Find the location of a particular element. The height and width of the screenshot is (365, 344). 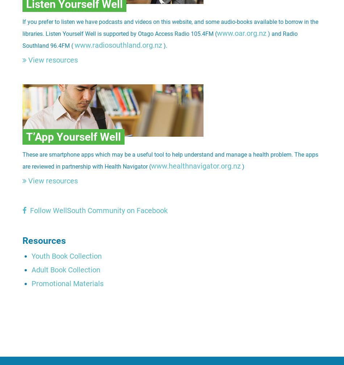

'www.radiosouthland.org.nz' is located at coordinates (118, 45).